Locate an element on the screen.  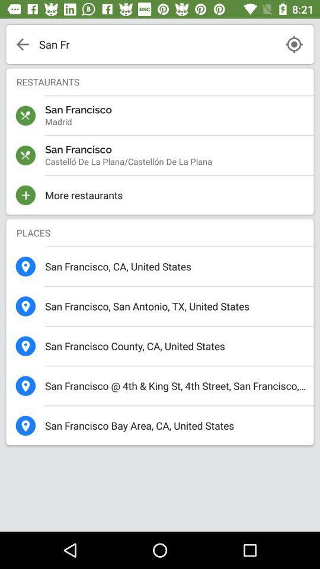
previous page is located at coordinates (23, 44).